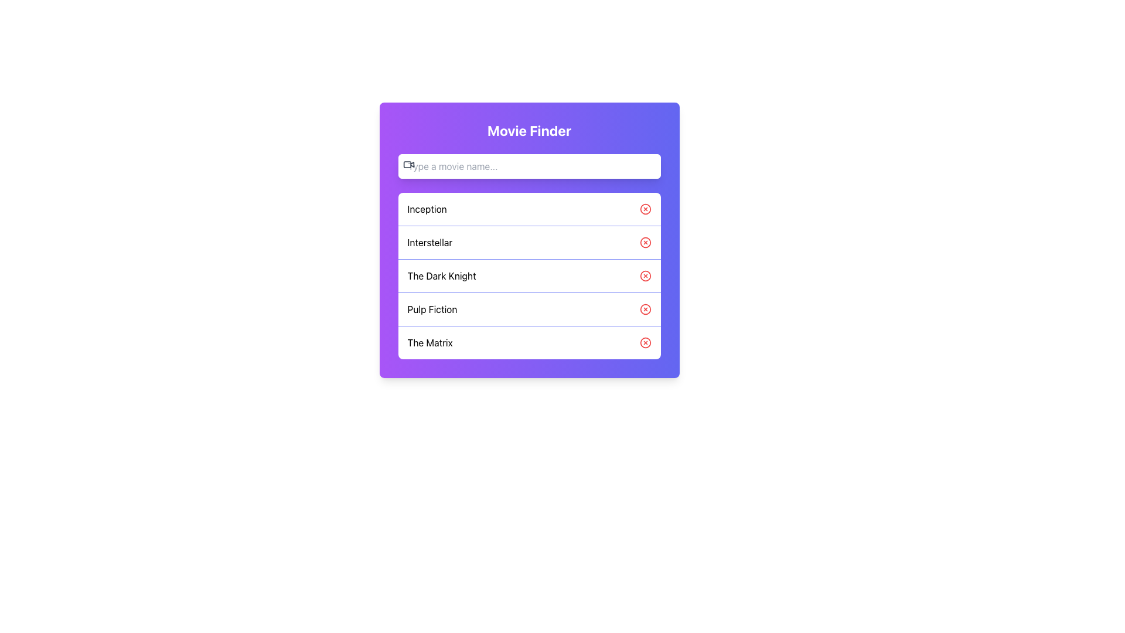  Describe the element at coordinates (529, 308) in the screenshot. I see `the fourth movie item in the 'Movie Finder' list` at that location.